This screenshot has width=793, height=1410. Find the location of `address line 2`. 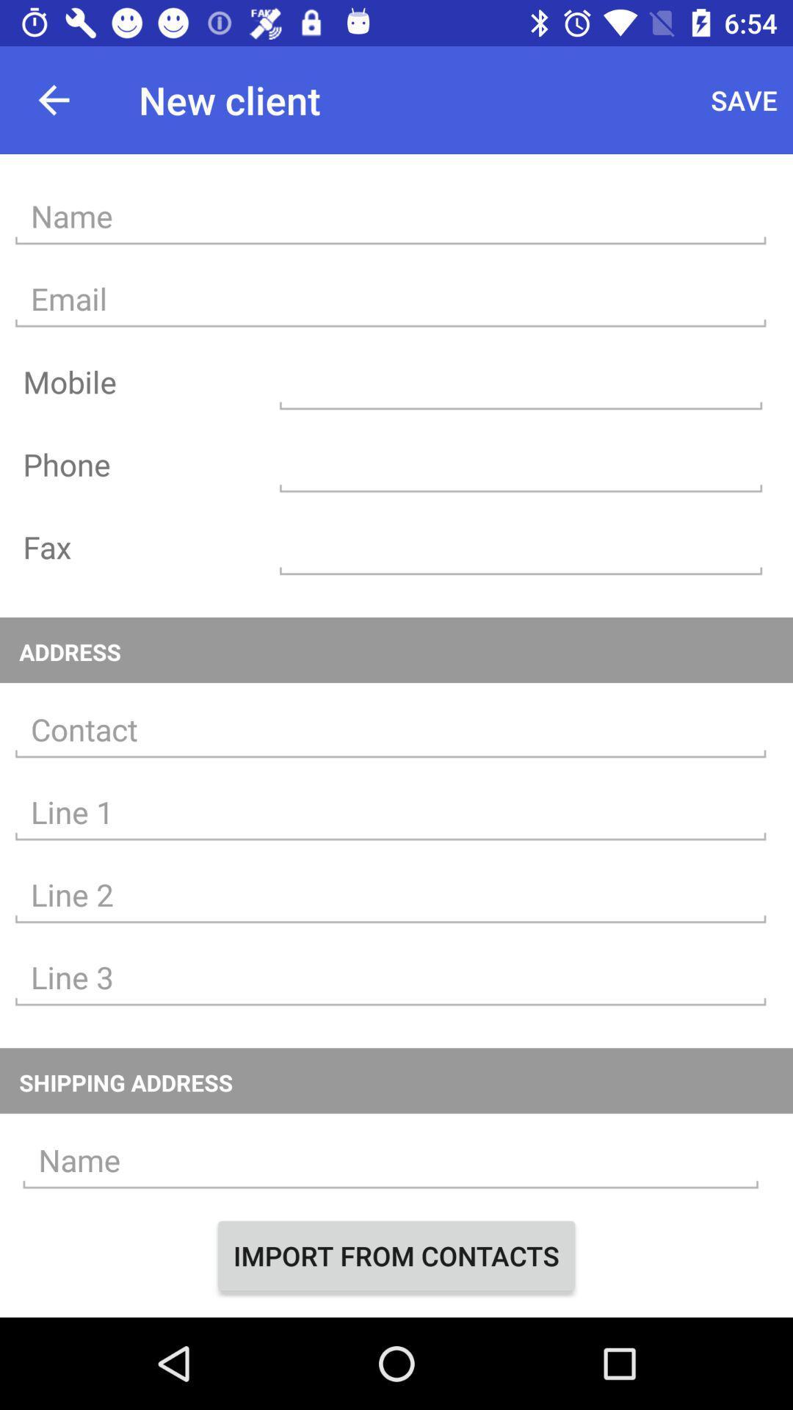

address line 2 is located at coordinates (390, 894).